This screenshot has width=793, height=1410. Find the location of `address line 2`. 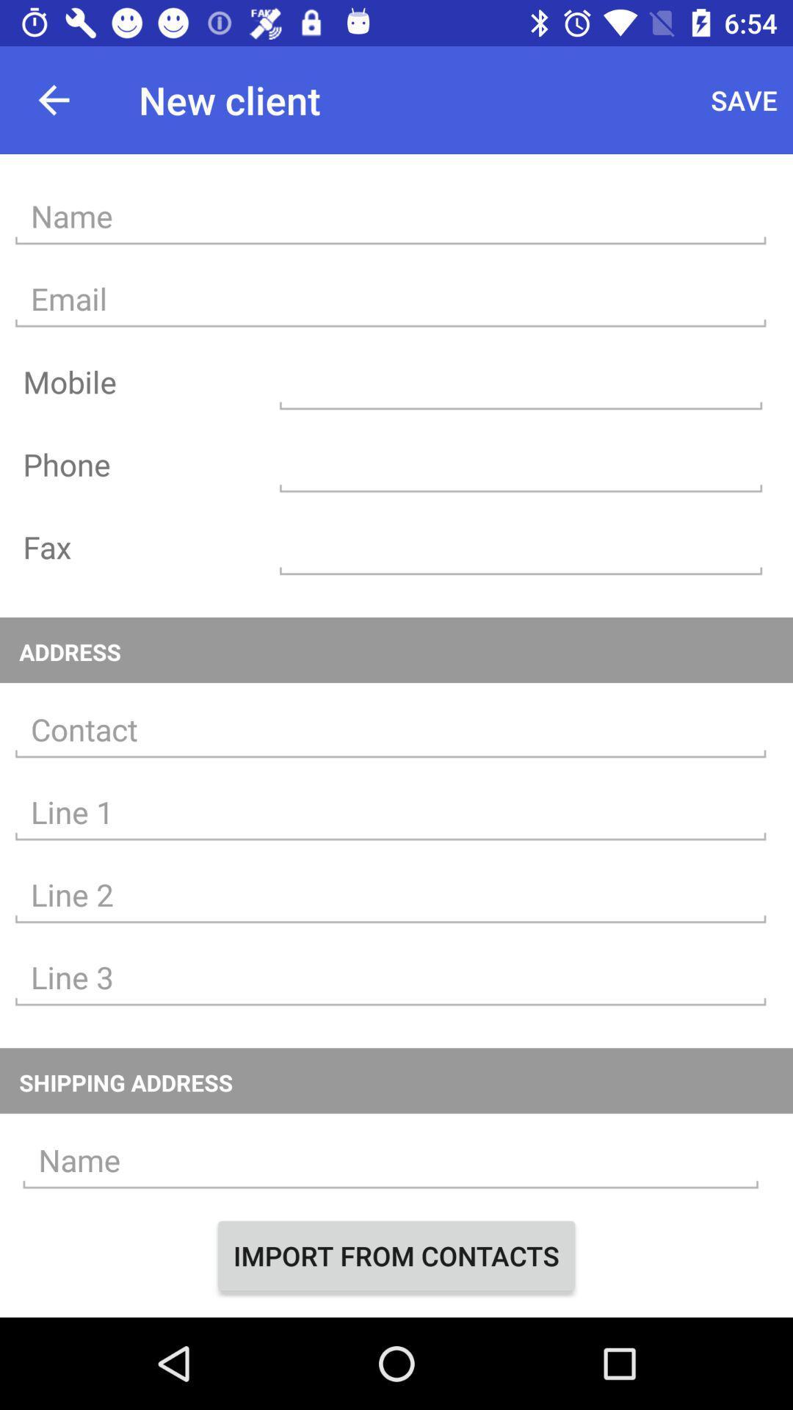

address line 2 is located at coordinates (390, 894).